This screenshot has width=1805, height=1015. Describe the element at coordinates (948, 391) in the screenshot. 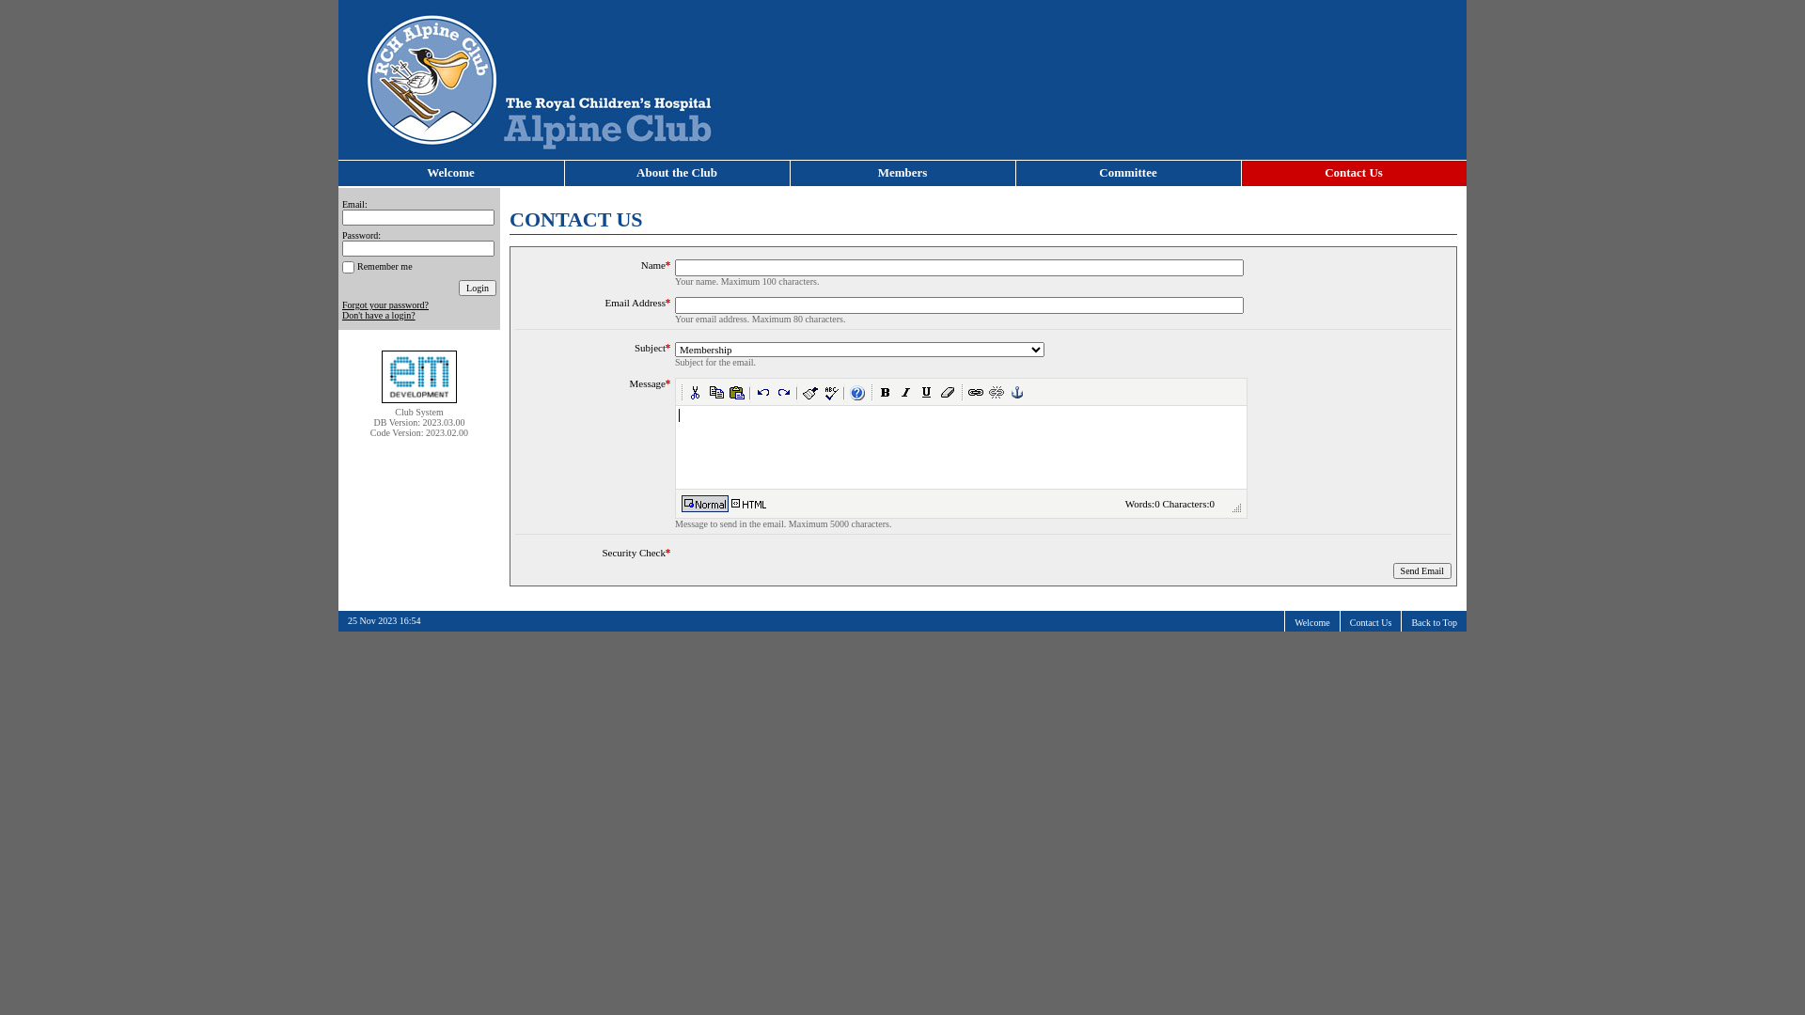

I see `'Remove Format'` at that location.